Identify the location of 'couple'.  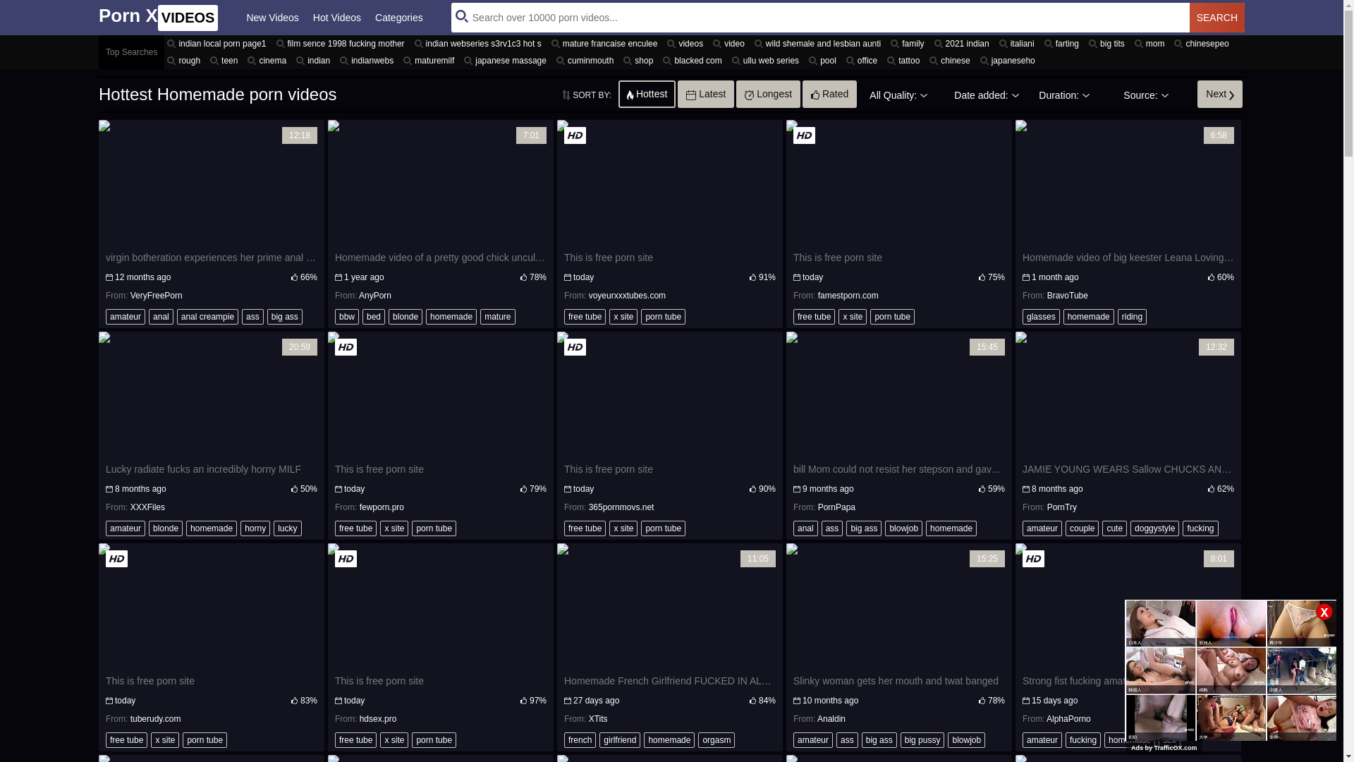
(1081, 528).